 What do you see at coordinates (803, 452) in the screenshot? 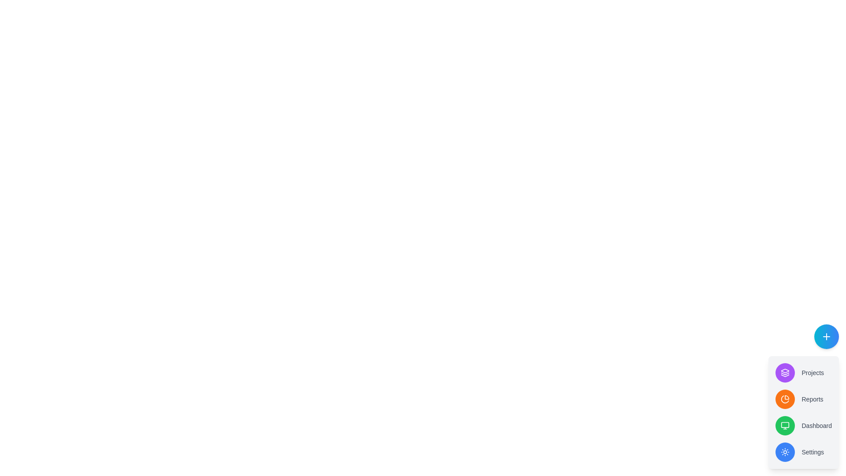
I see `the Navigation button labeled 'Settings' at the bottom of the vertical menu` at bounding box center [803, 452].